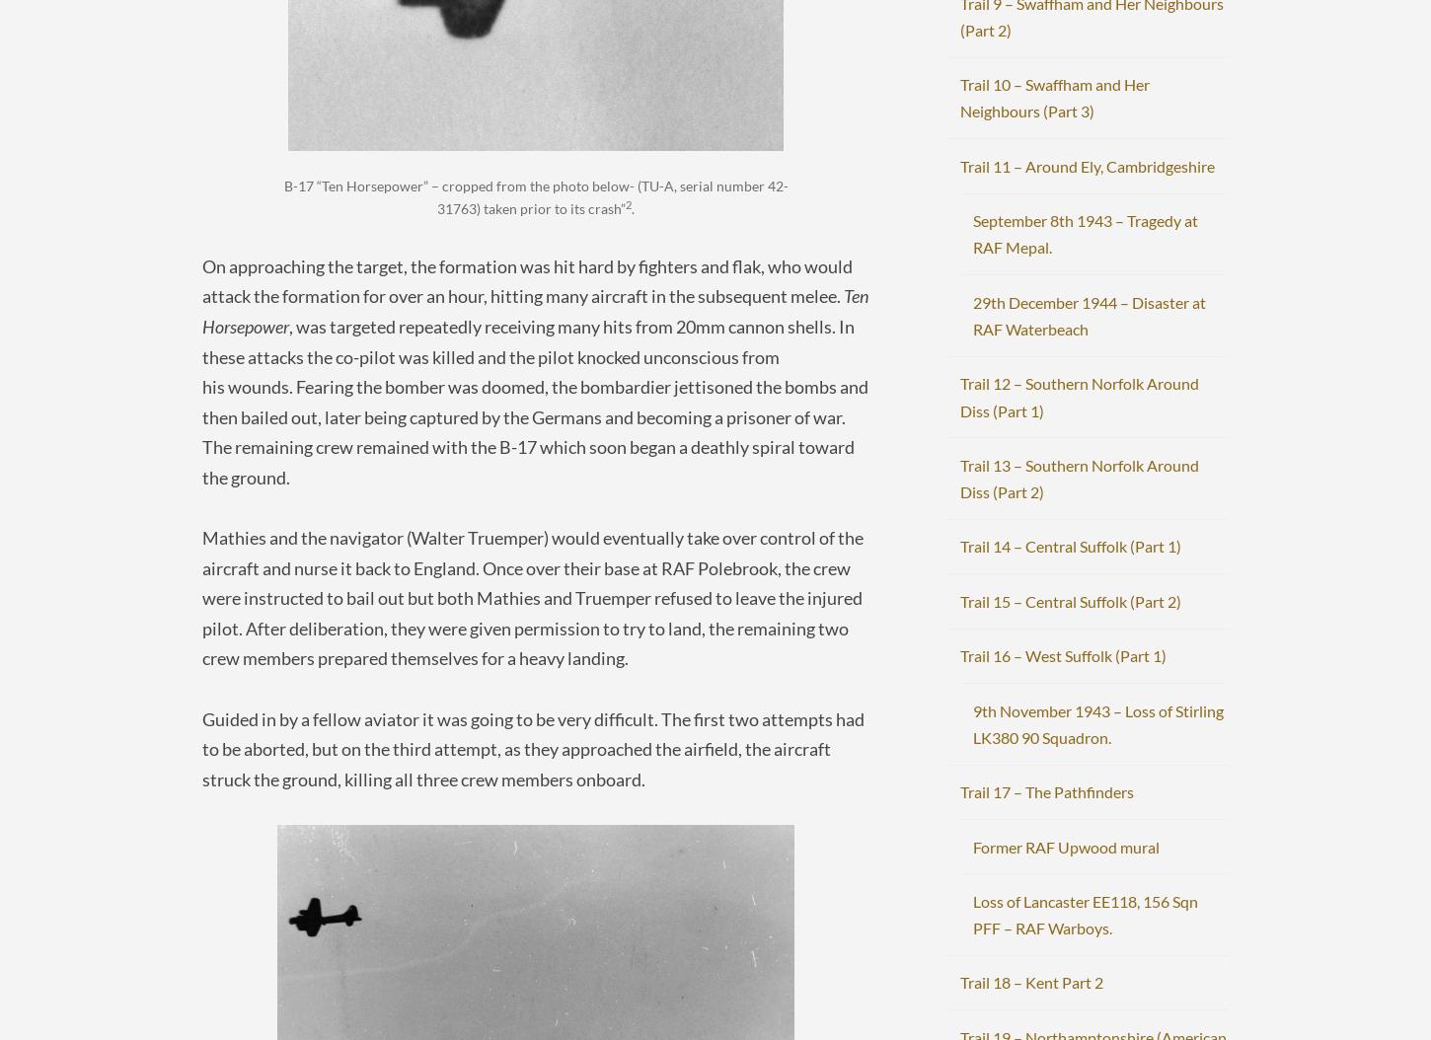  I want to click on 'Former RAF Upwood mural', so click(973, 846).